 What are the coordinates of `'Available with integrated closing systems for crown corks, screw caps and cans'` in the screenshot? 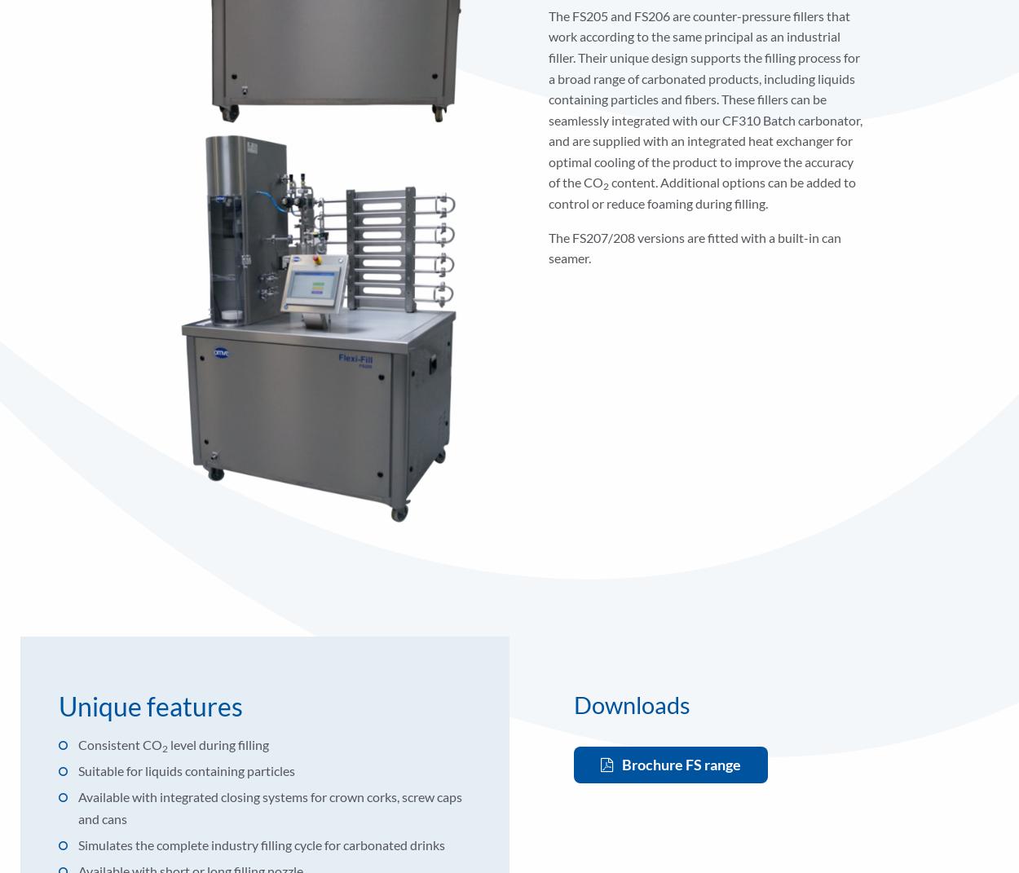 It's located at (269, 806).